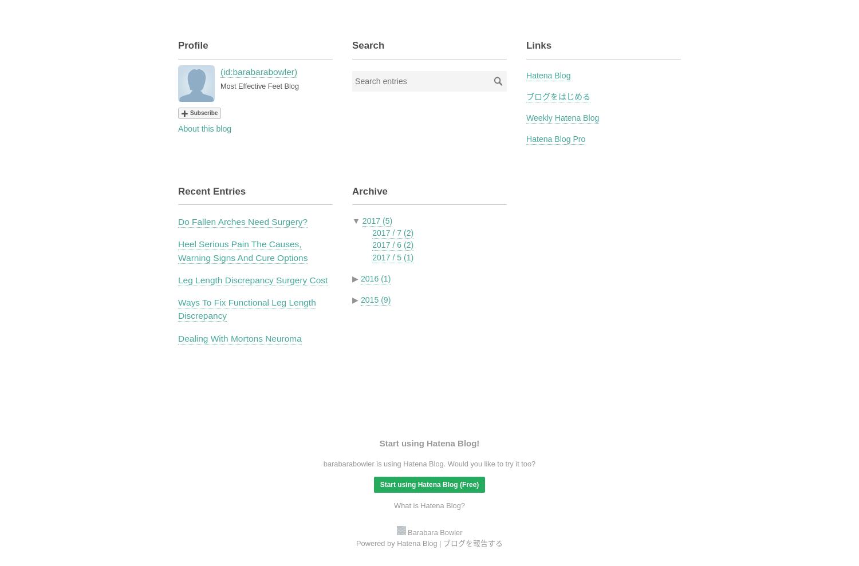 This screenshot has height=566, width=859. Describe the element at coordinates (222, 70) in the screenshot. I see `'('` at that location.